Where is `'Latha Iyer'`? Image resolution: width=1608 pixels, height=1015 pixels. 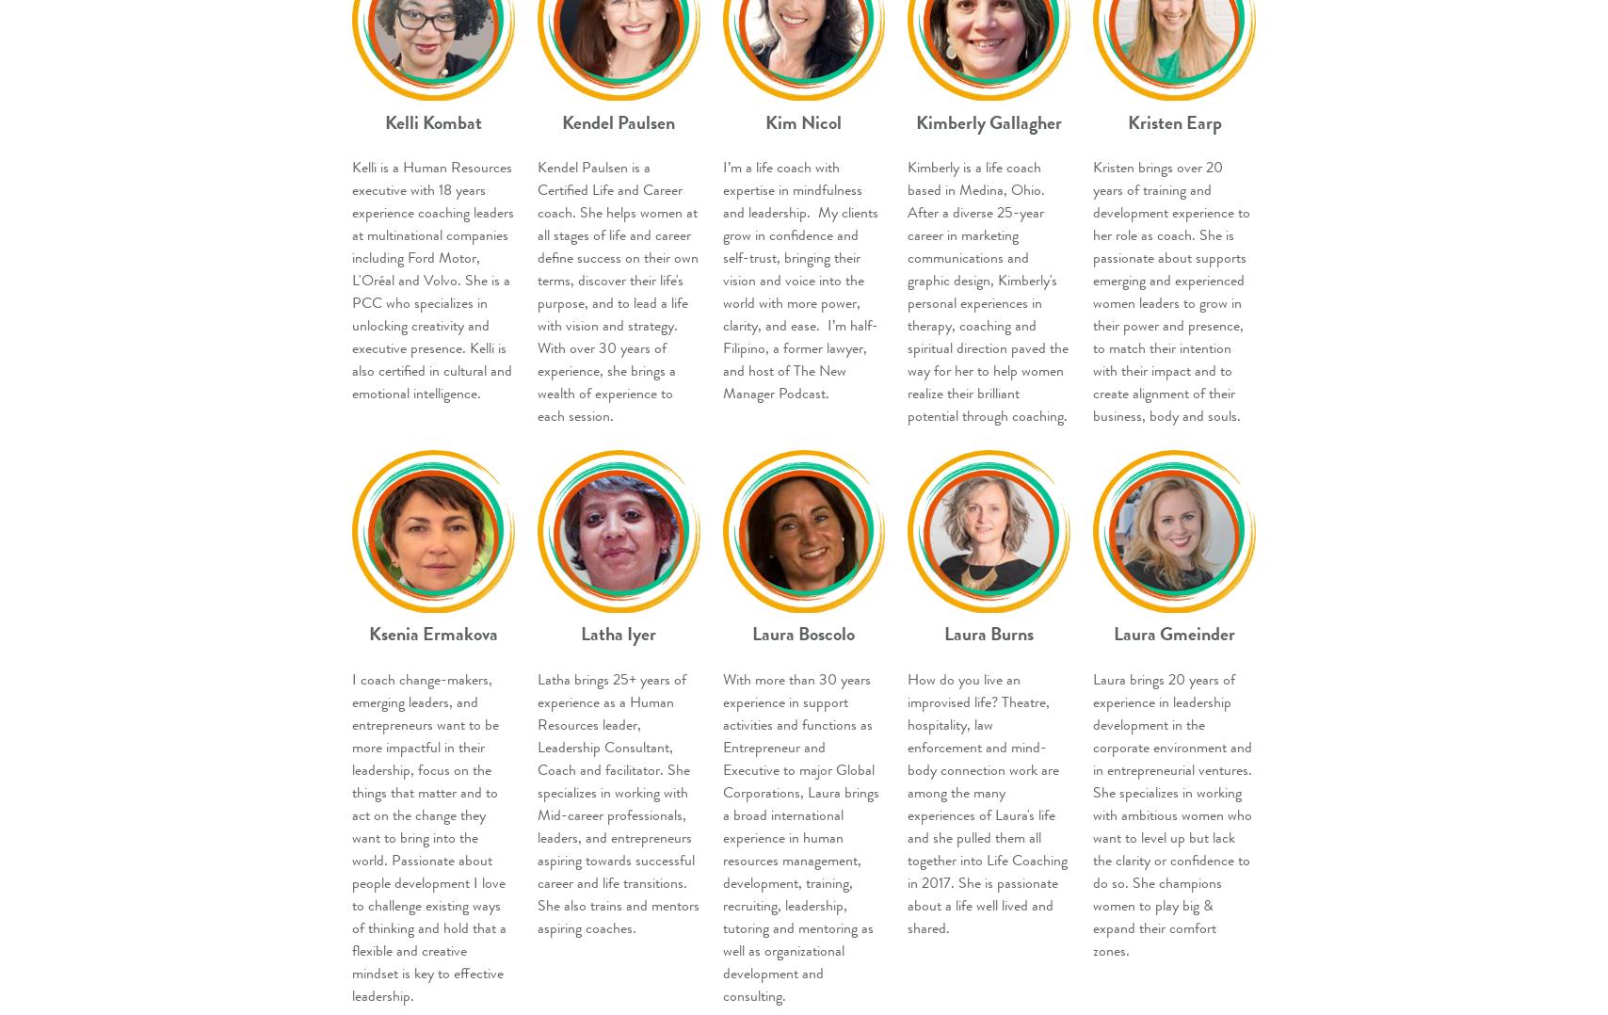
'Latha Iyer' is located at coordinates (619, 634).